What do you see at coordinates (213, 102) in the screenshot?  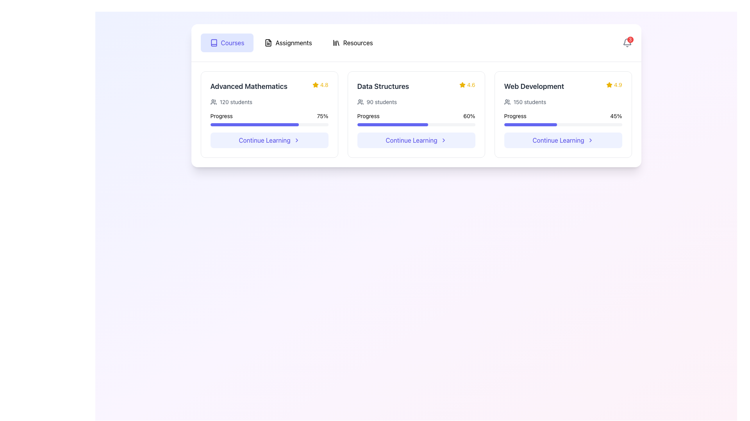 I see `the icon representing a group of students next to the '120 students' text label in the top-left corner of the 'Advanced Mathematics' course section` at bounding box center [213, 102].